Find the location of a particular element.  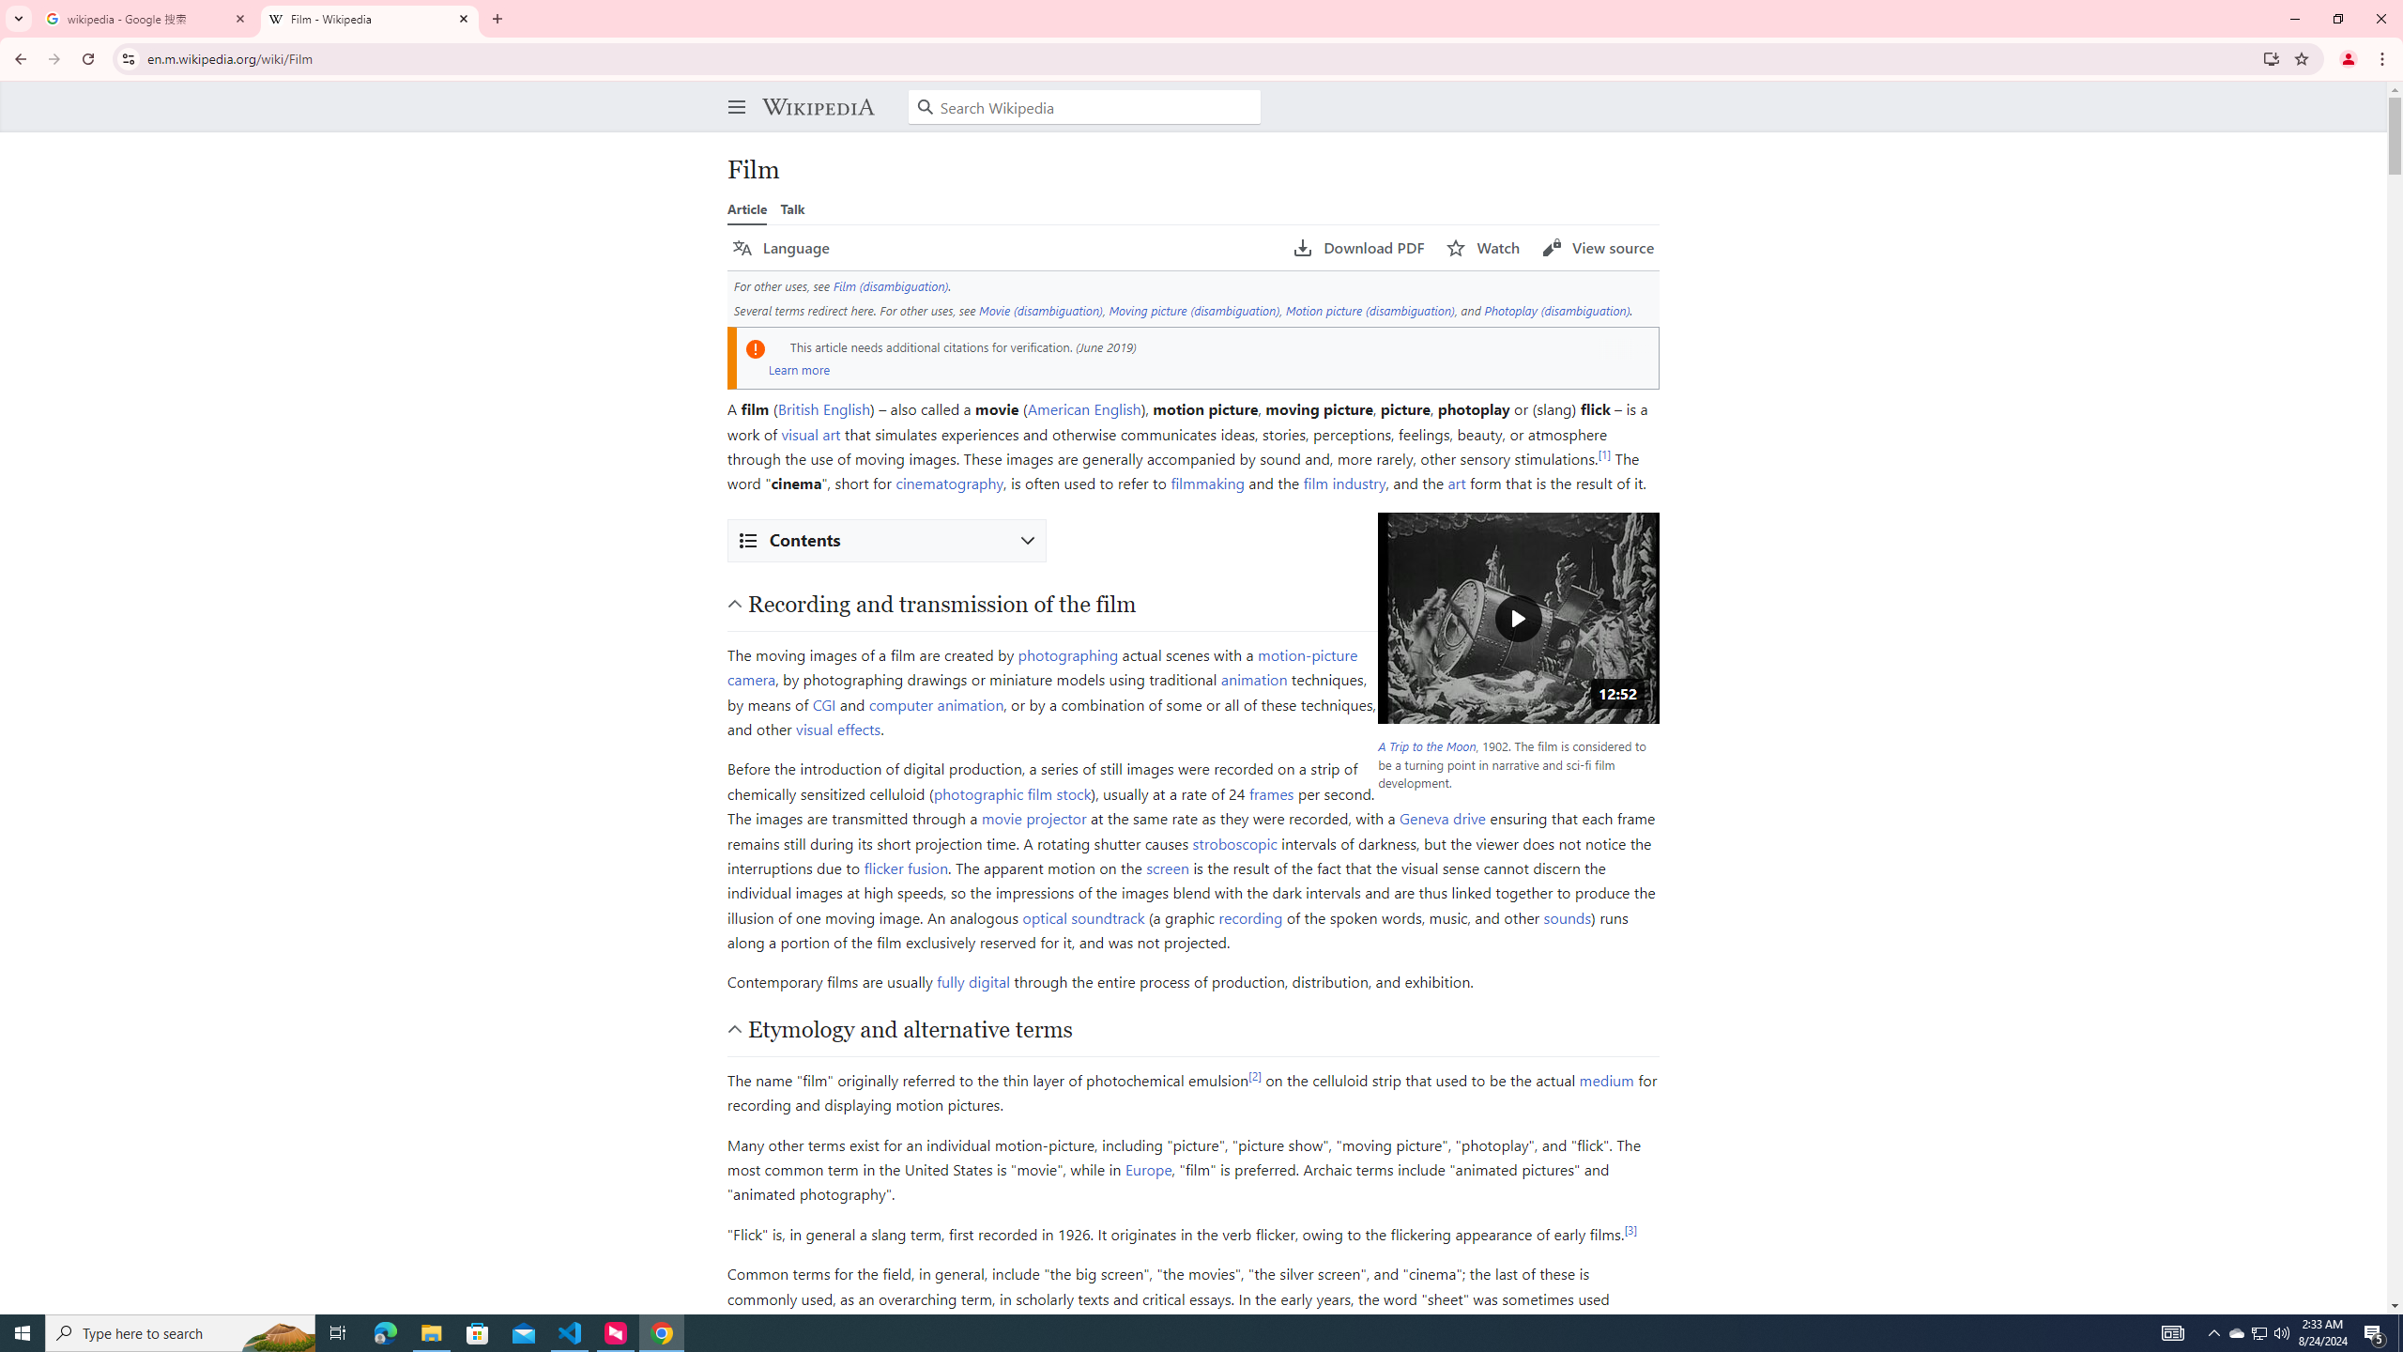

'Photoplay (disambiguation)' is located at coordinates (1557, 310).